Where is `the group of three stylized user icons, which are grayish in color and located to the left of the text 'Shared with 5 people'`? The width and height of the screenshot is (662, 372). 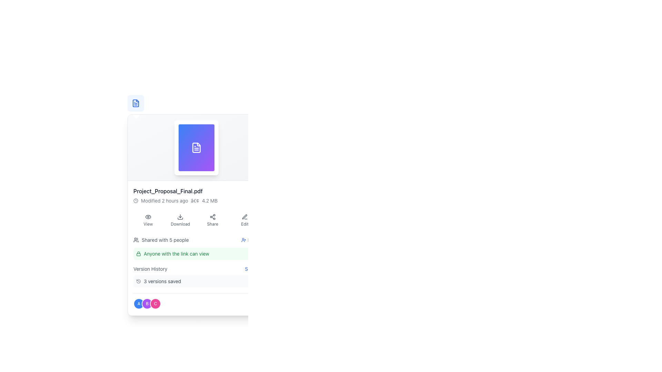 the group of three stylized user icons, which are grayish in color and located to the left of the text 'Shared with 5 people' is located at coordinates (136, 240).